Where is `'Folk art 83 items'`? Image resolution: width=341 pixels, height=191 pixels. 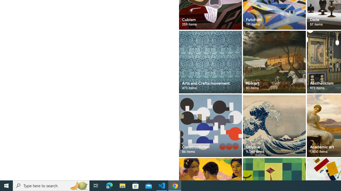 'Folk art 83 items' is located at coordinates (274, 62).